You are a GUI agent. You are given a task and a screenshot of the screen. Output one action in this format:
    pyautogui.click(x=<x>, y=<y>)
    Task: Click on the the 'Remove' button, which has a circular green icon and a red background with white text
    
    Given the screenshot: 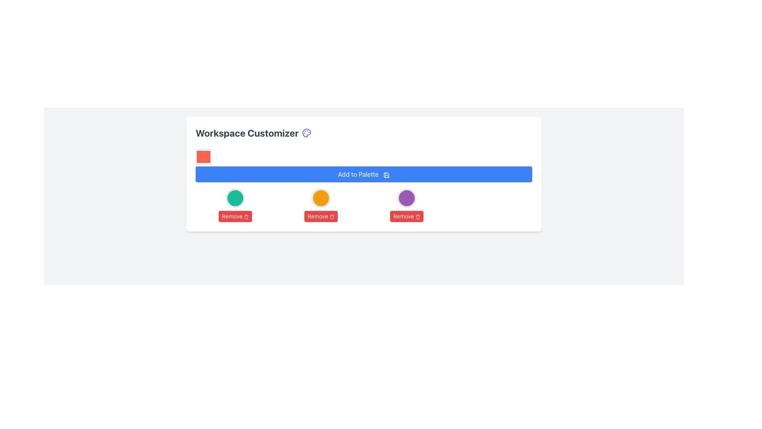 What is the action you would take?
    pyautogui.click(x=235, y=205)
    